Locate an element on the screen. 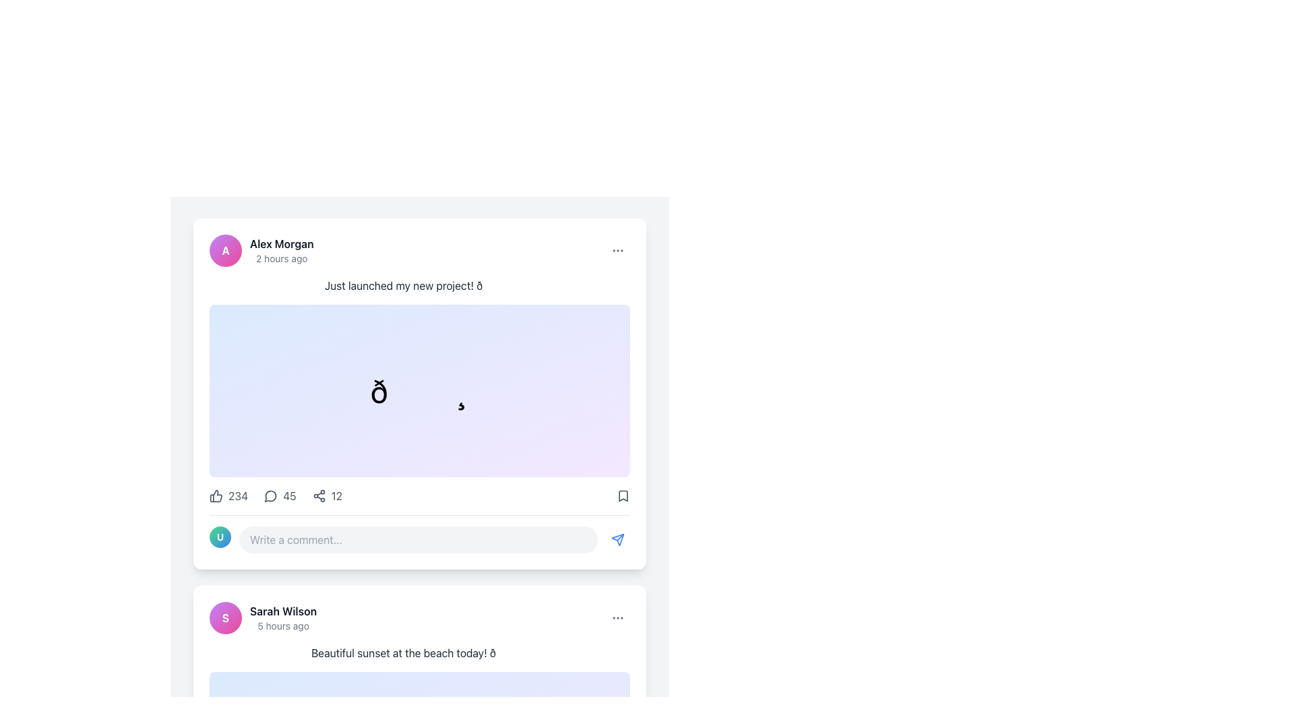  the bookmark icon button, which is a filled triangle shape located at the bottom-right corner of a post is located at coordinates (623, 496).